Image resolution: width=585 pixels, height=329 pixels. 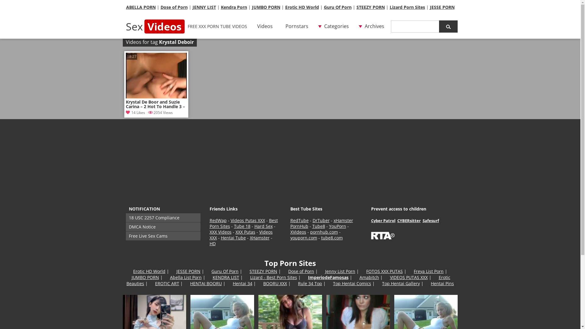 What do you see at coordinates (140, 7) in the screenshot?
I see `'ABELLA PORN'` at bounding box center [140, 7].